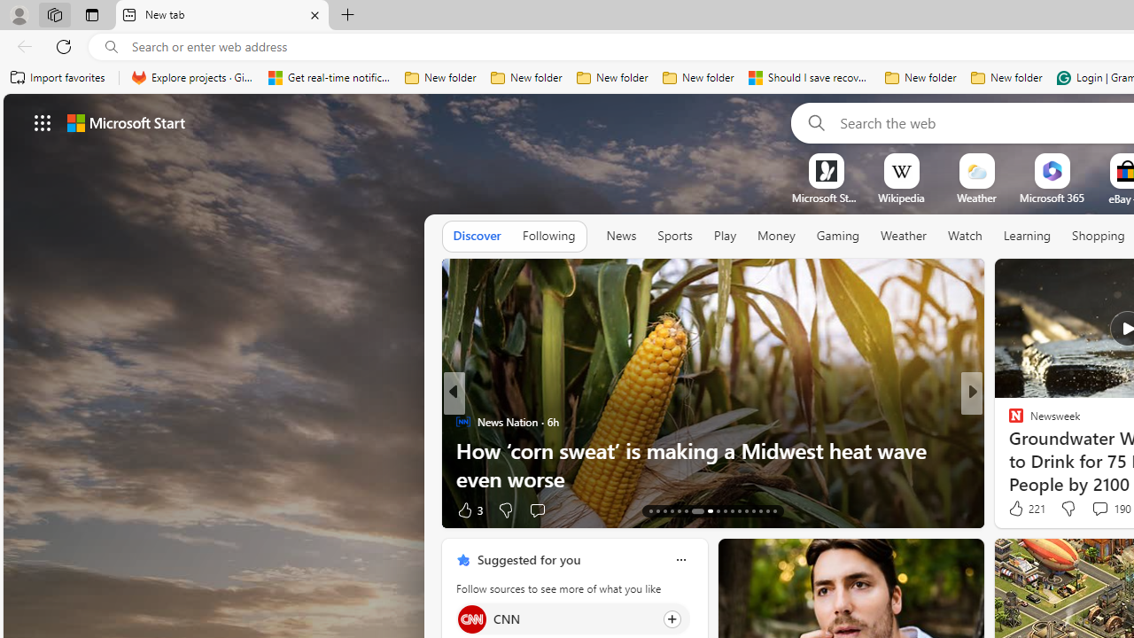 The height and width of the screenshot is (638, 1134). I want to click on '583 Like', so click(1021, 510).